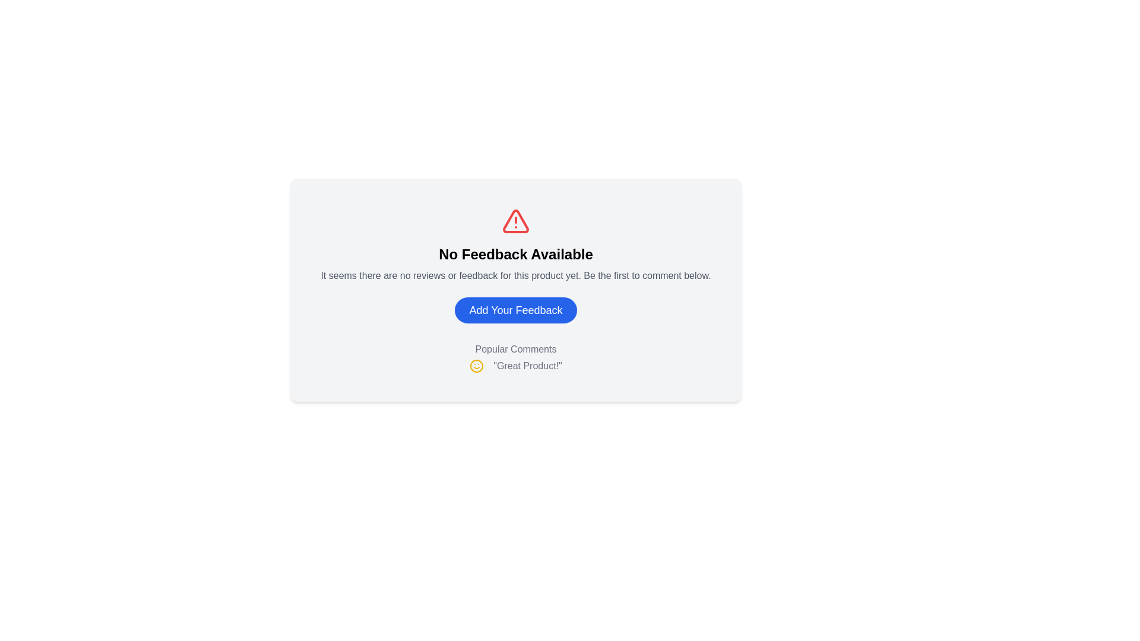 This screenshot has height=641, width=1140. I want to click on the positive sentiment icon located in the 'Popular Comments' section, adjacent to the text 'Great Product!', so click(477, 366).